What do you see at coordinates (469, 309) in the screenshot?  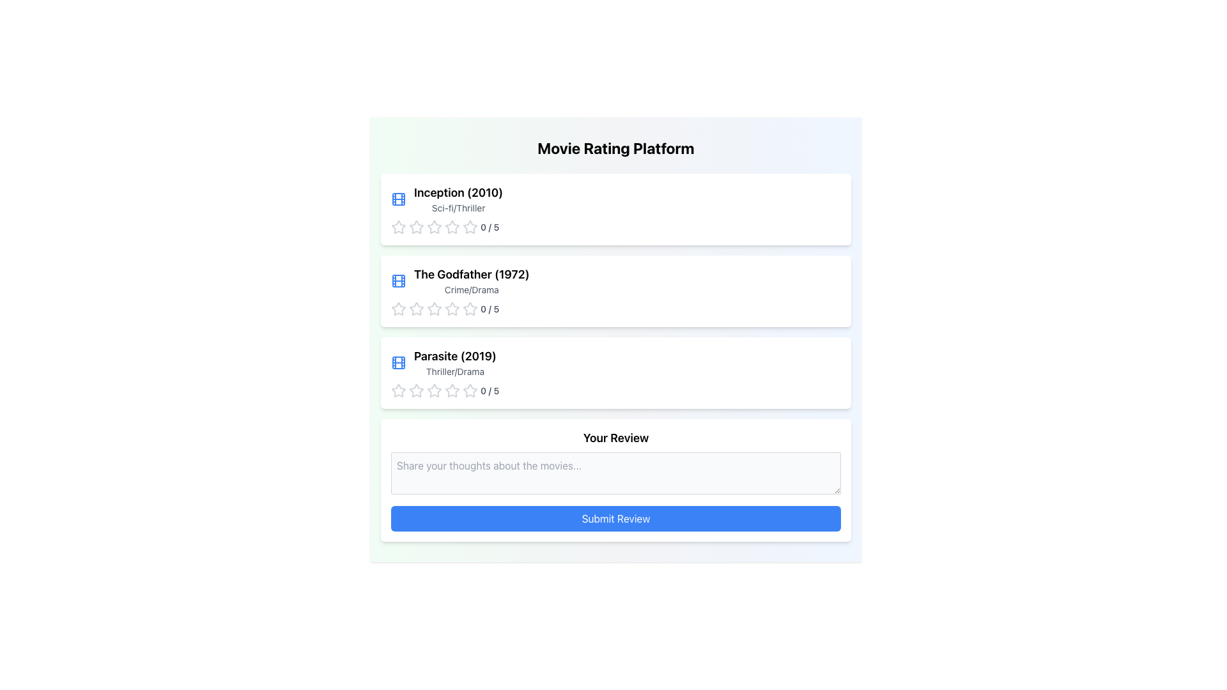 I see `the fifth star icon in the movie rating section for 'The Godfather (1972)'` at bounding box center [469, 309].